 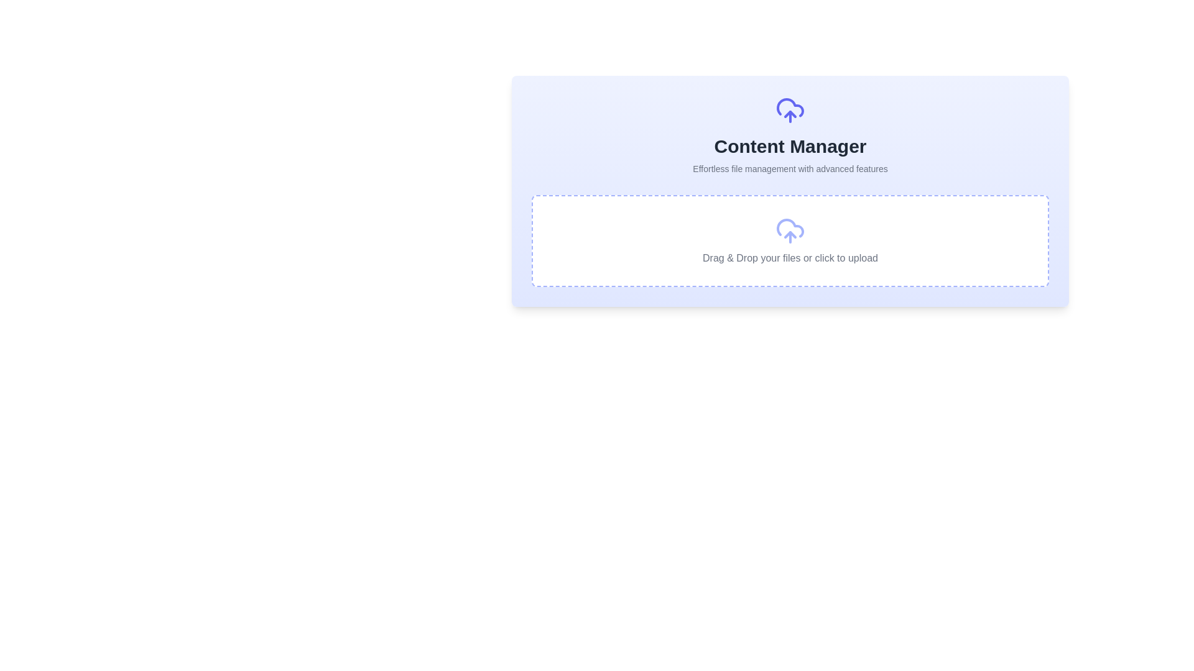 What do you see at coordinates (790, 231) in the screenshot?
I see `the upload icon located near the center of the dashed-bordered rectangular area designated for file uploads, which is visually above the prompt text 'Drag & Drop your files or click to upload'` at bounding box center [790, 231].